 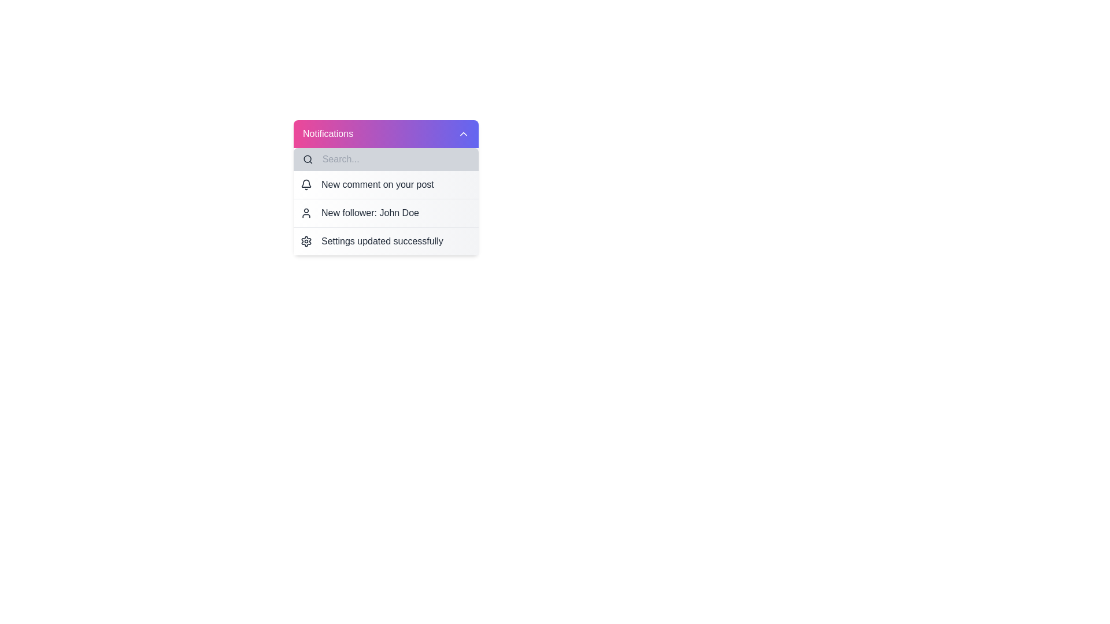 What do you see at coordinates (386, 213) in the screenshot?
I see `the notification item New follower: John Doe to highlight it` at bounding box center [386, 213].